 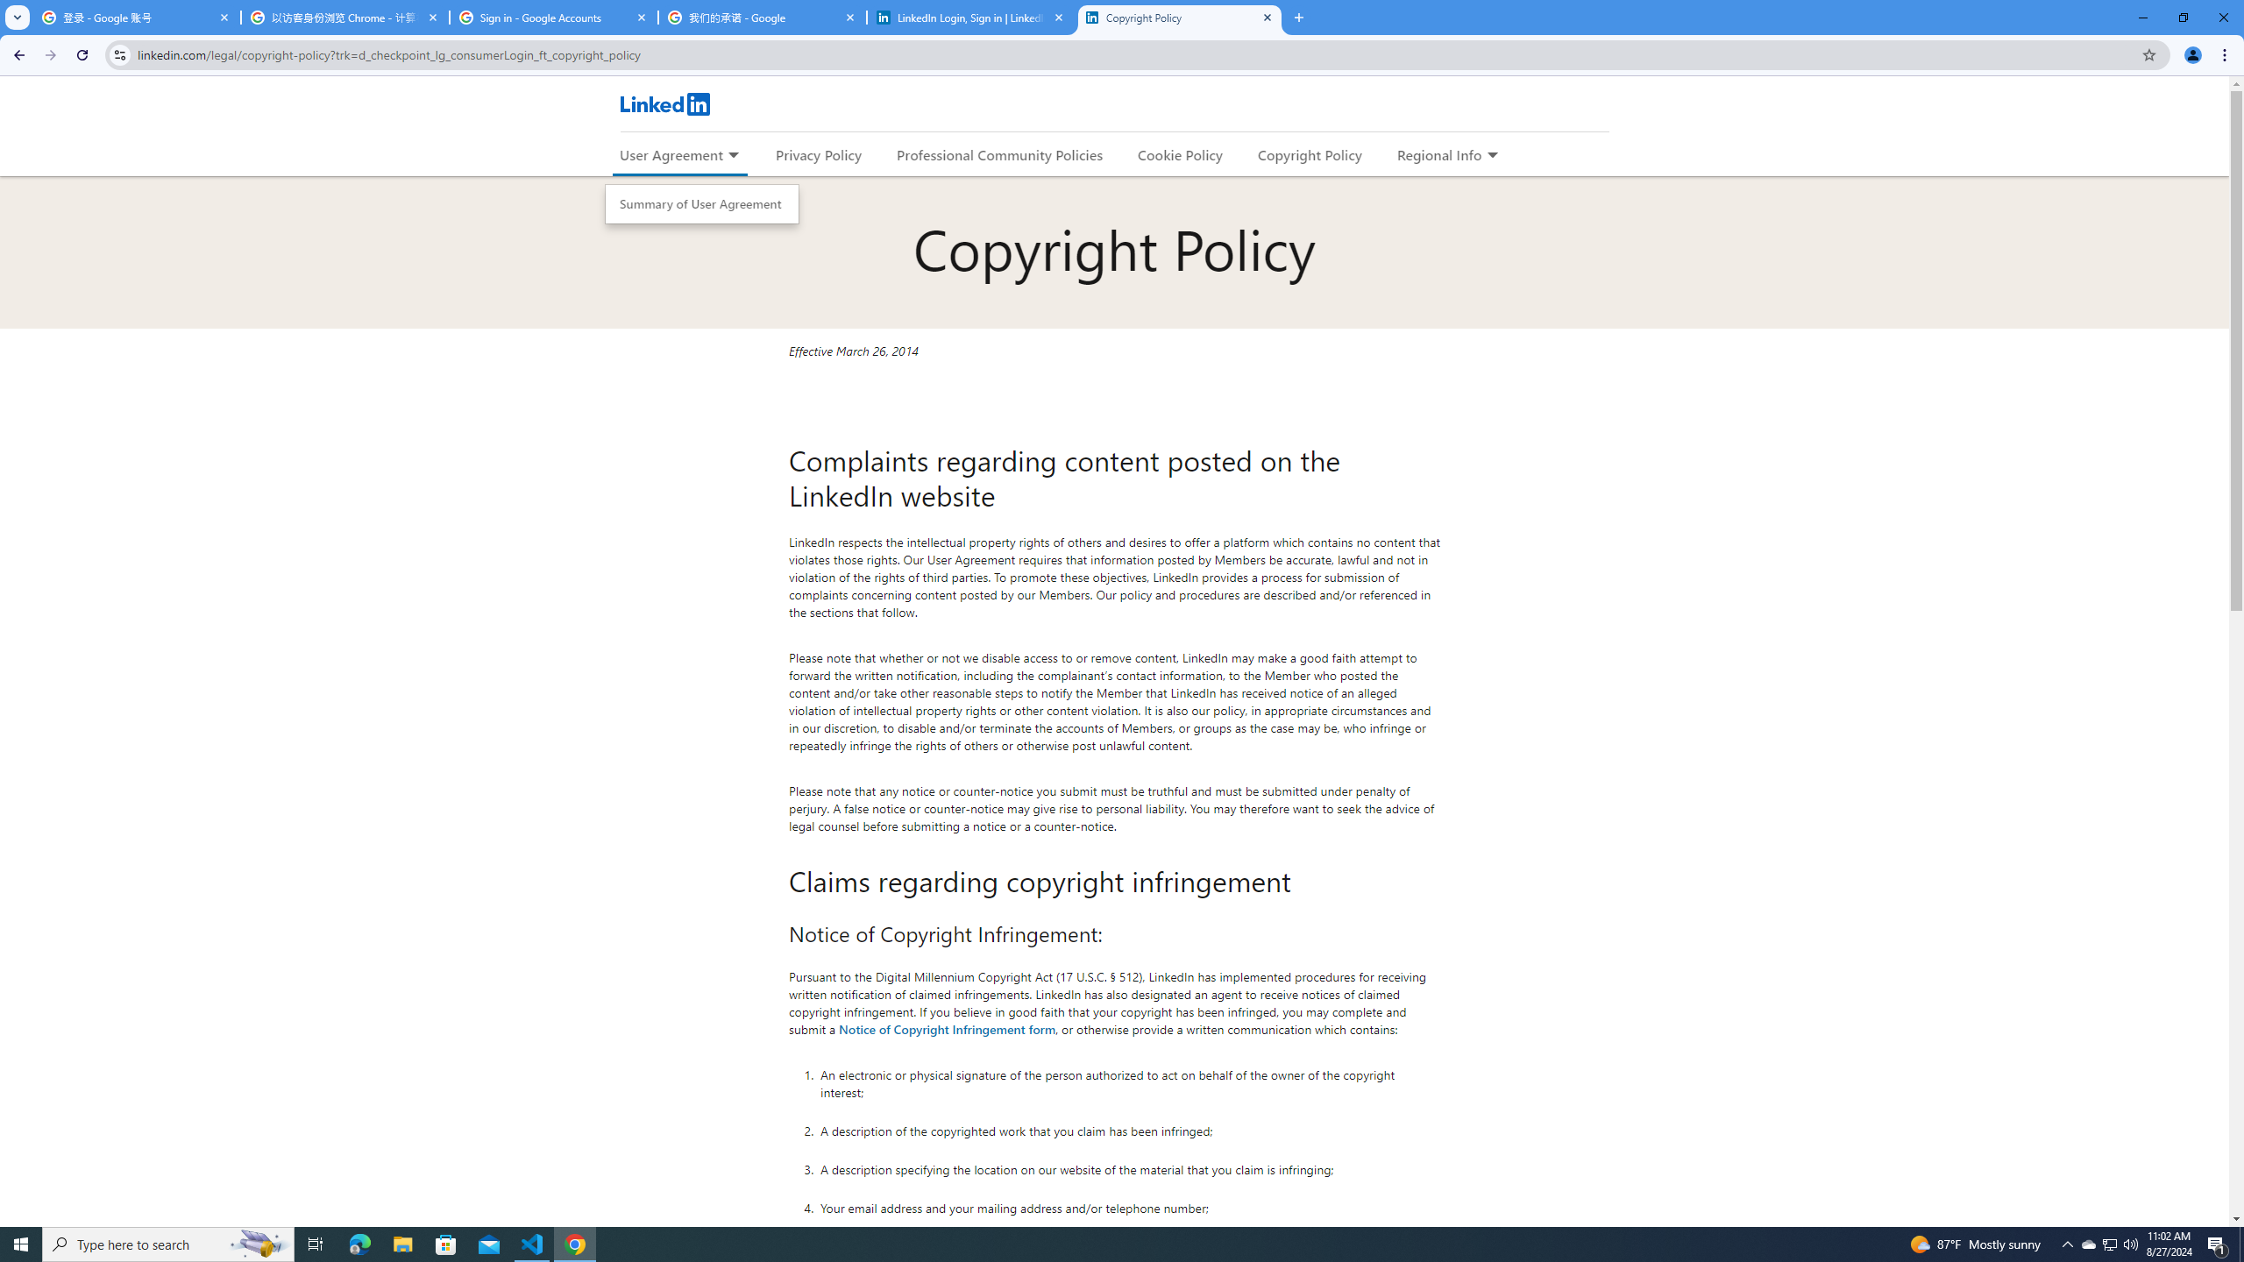 I want to click on 'Regional Info', so click(x=1439, y=154).